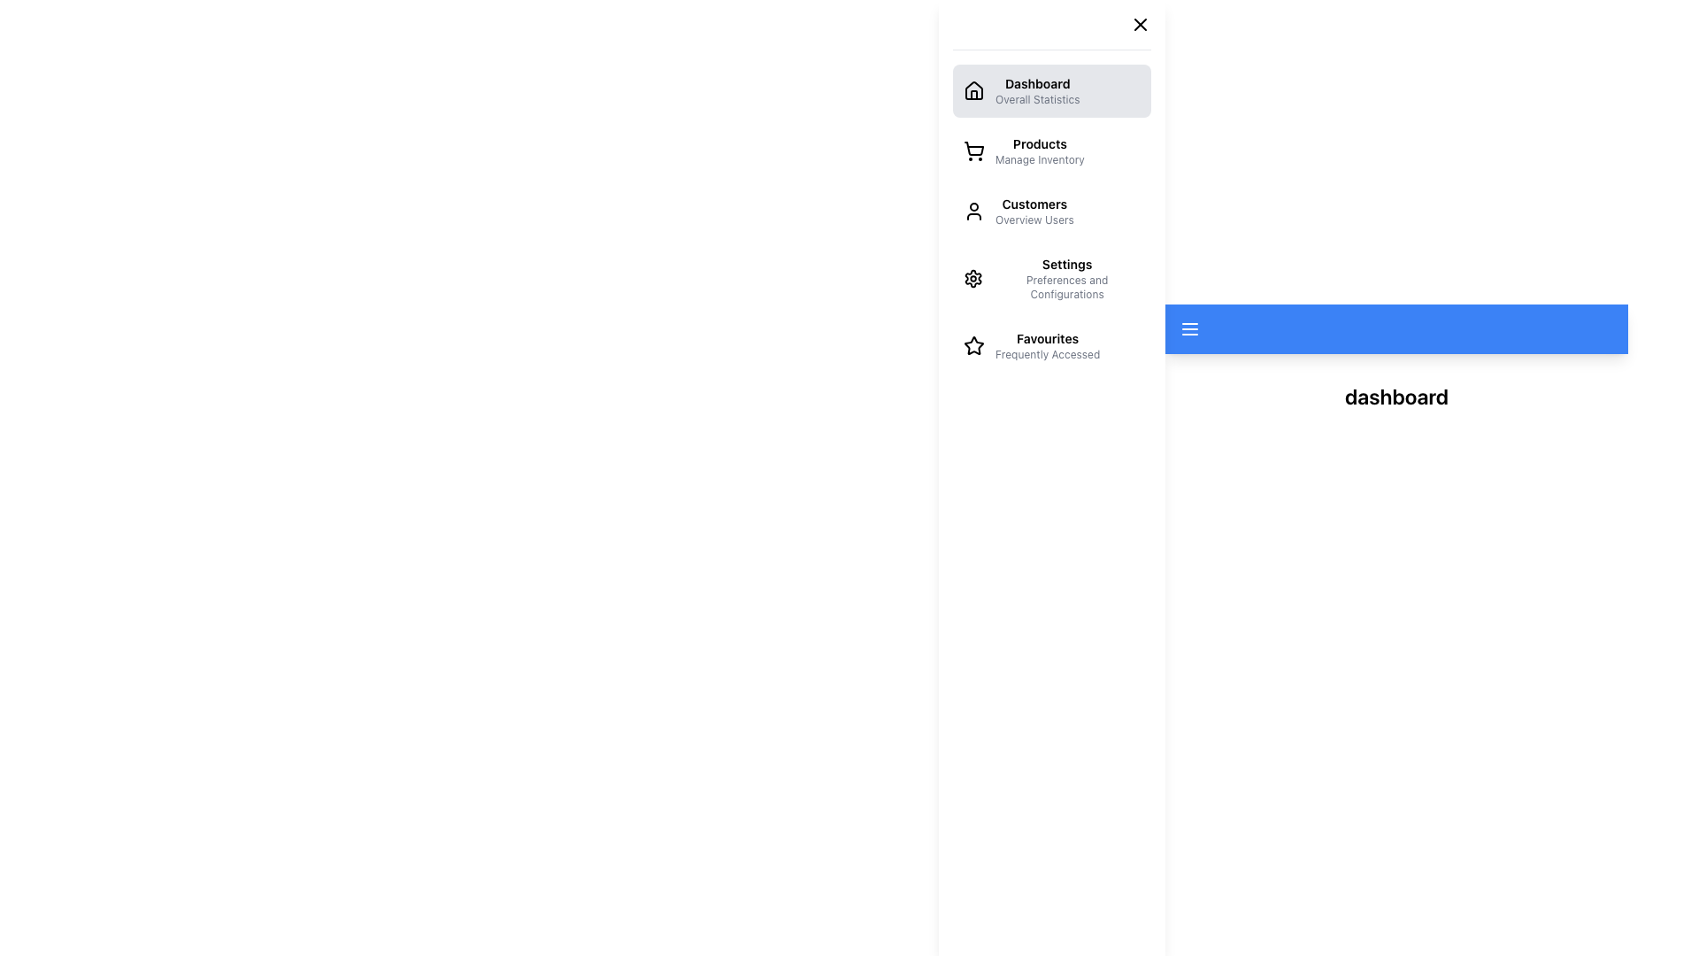 Image resolution: width=1699 pixels, height=956 pixels. Describe the element at coordinates (1141, 24) in the screenshot. I see `the small 'X' icon in the upper right corner of the sidebar menu` at that location.